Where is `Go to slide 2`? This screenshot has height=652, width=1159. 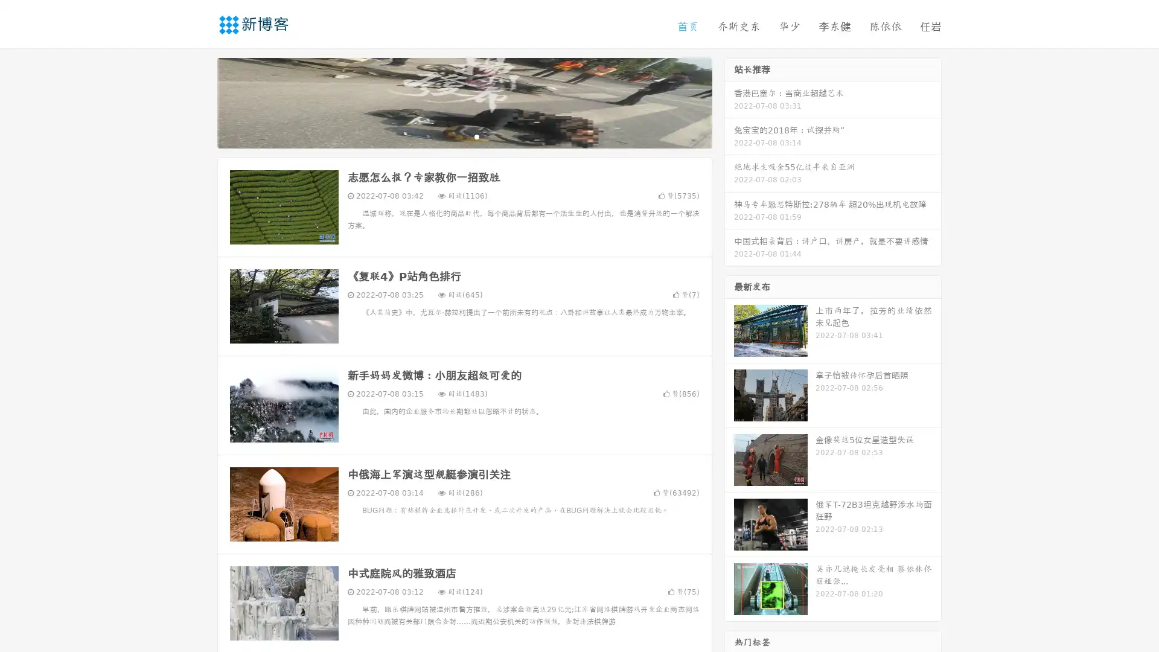
Go to slide 2 is located at coordinates (464, 136).